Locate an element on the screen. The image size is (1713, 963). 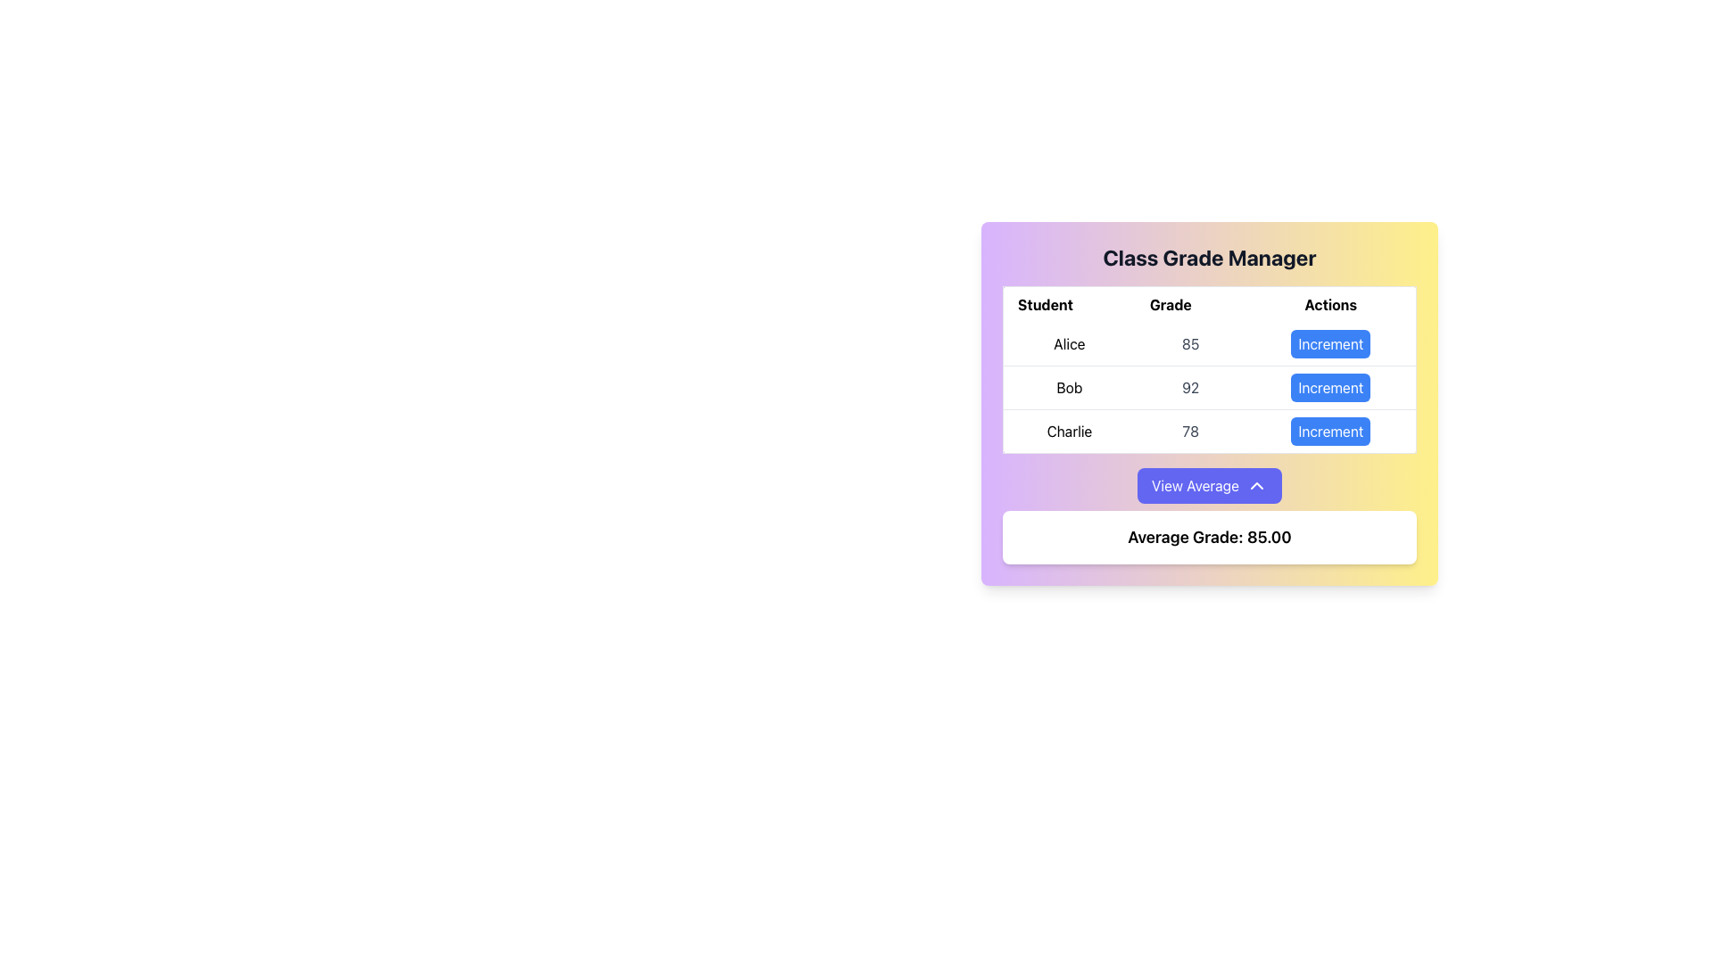
the static Text Label displaying the grade of student 'Charlie' in the third row of the 'Class Grade Manager' table under the 'Grade' column is located at coordinates (1190, 431).